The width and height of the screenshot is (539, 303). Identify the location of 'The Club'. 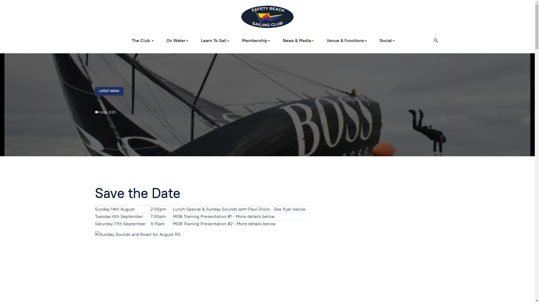
(145, 40).